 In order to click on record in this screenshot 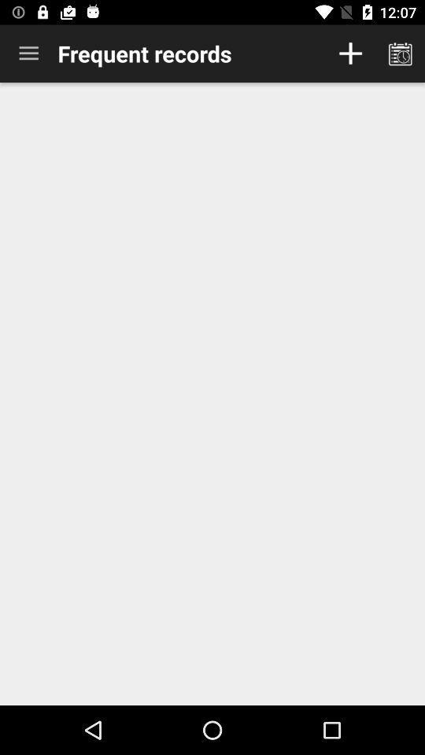, I will do `click(350, 53)`.